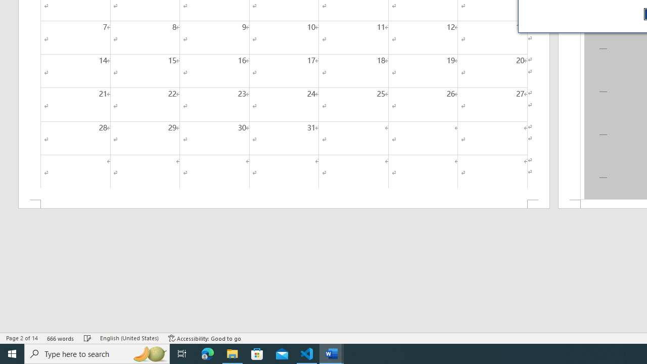 Image resolution: width=647 pixels, height=364 pixels. What do you see at coordinates (204, 338) in the screenshot?
I see `'Accessibility Checker Accessibility: Good to go'` at bounding box center [204, 338].